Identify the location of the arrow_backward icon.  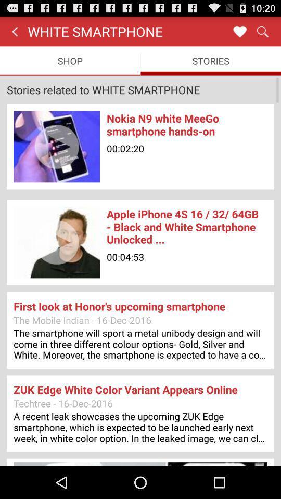
(14, 33).